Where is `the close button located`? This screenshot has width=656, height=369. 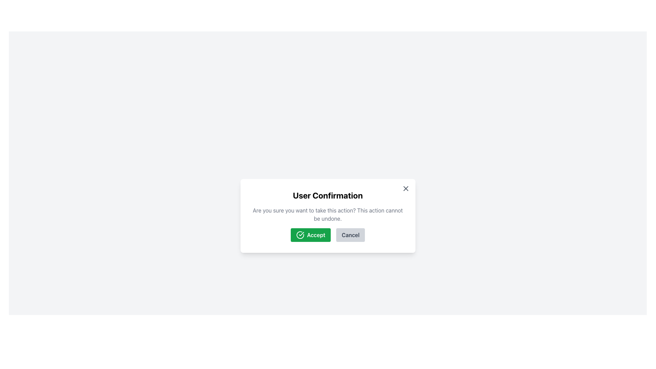
the close button located is located at coordinates (406, 188).